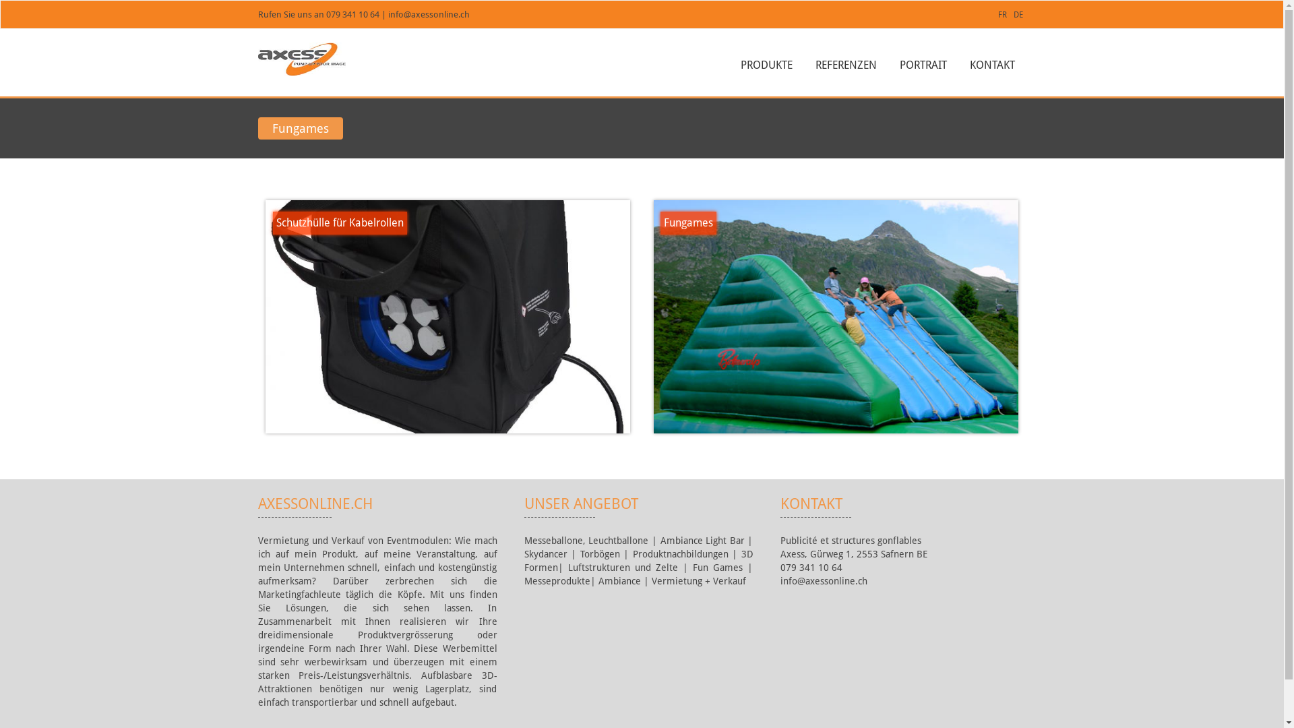  I want to click on 'KONTAKT', so click(991, 65).